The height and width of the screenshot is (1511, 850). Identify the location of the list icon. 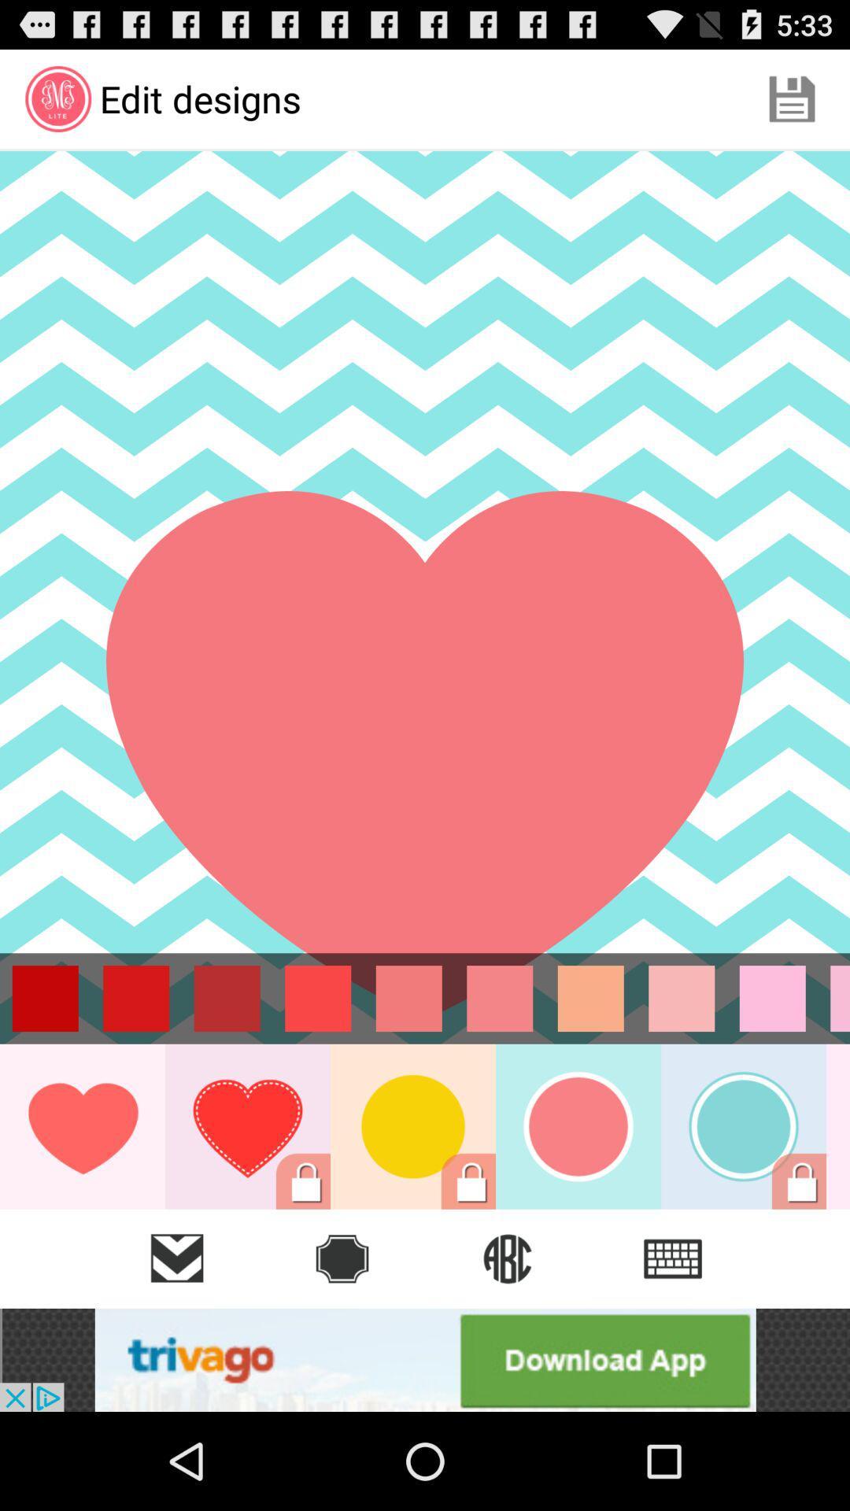
(673, 1258).